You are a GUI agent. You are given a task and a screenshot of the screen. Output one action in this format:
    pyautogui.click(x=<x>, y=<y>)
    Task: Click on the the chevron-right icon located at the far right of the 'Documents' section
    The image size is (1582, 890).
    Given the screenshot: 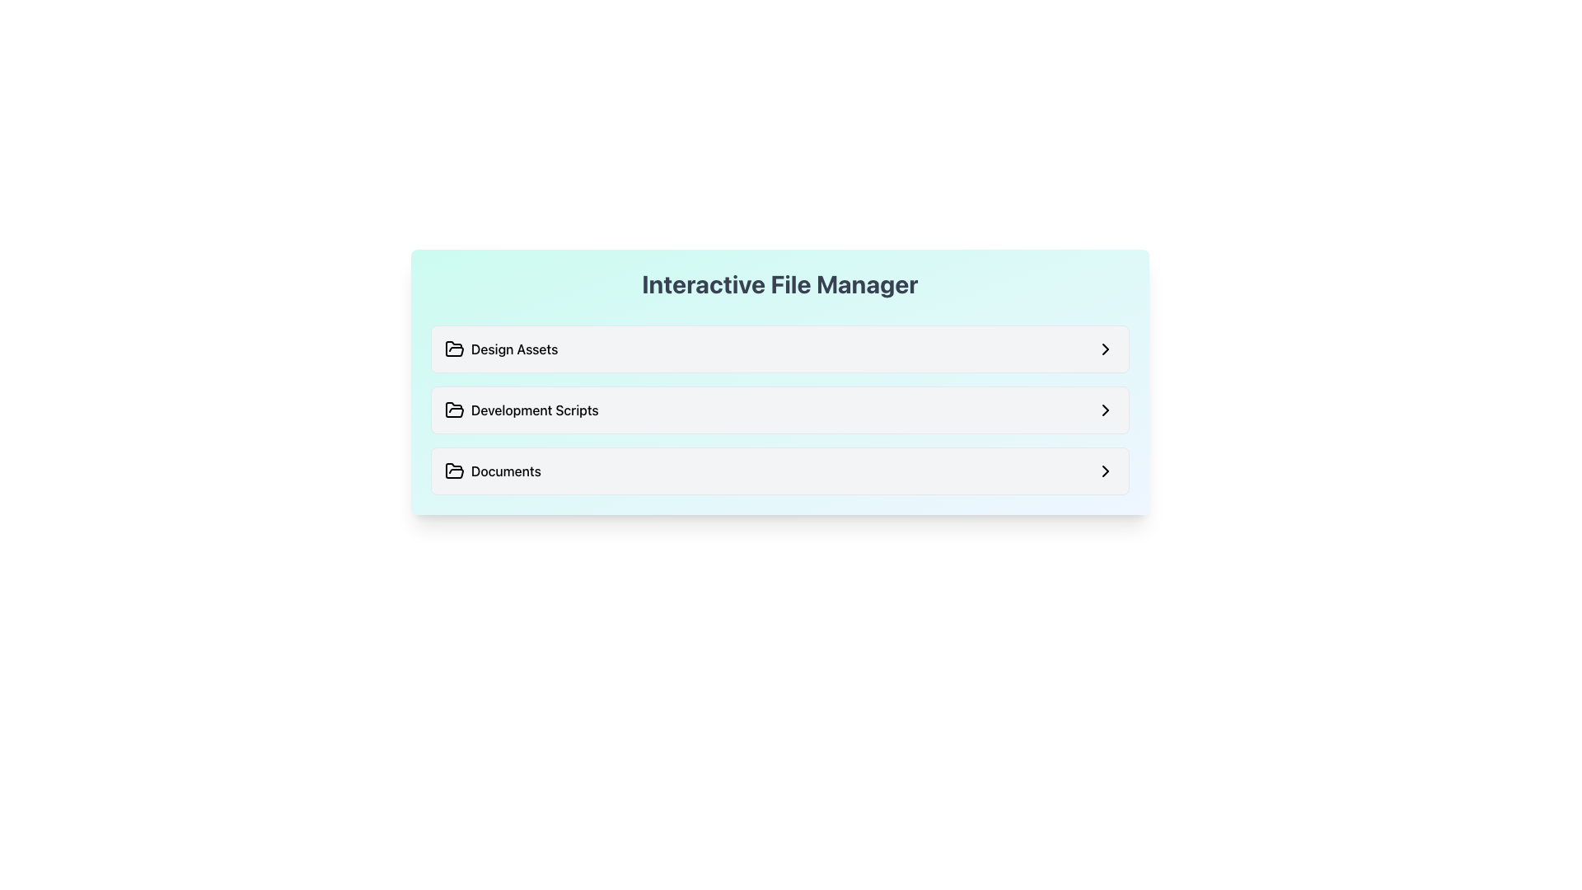 What is the action you would take?
    pyautogui.click(x=1106, y=471)
    